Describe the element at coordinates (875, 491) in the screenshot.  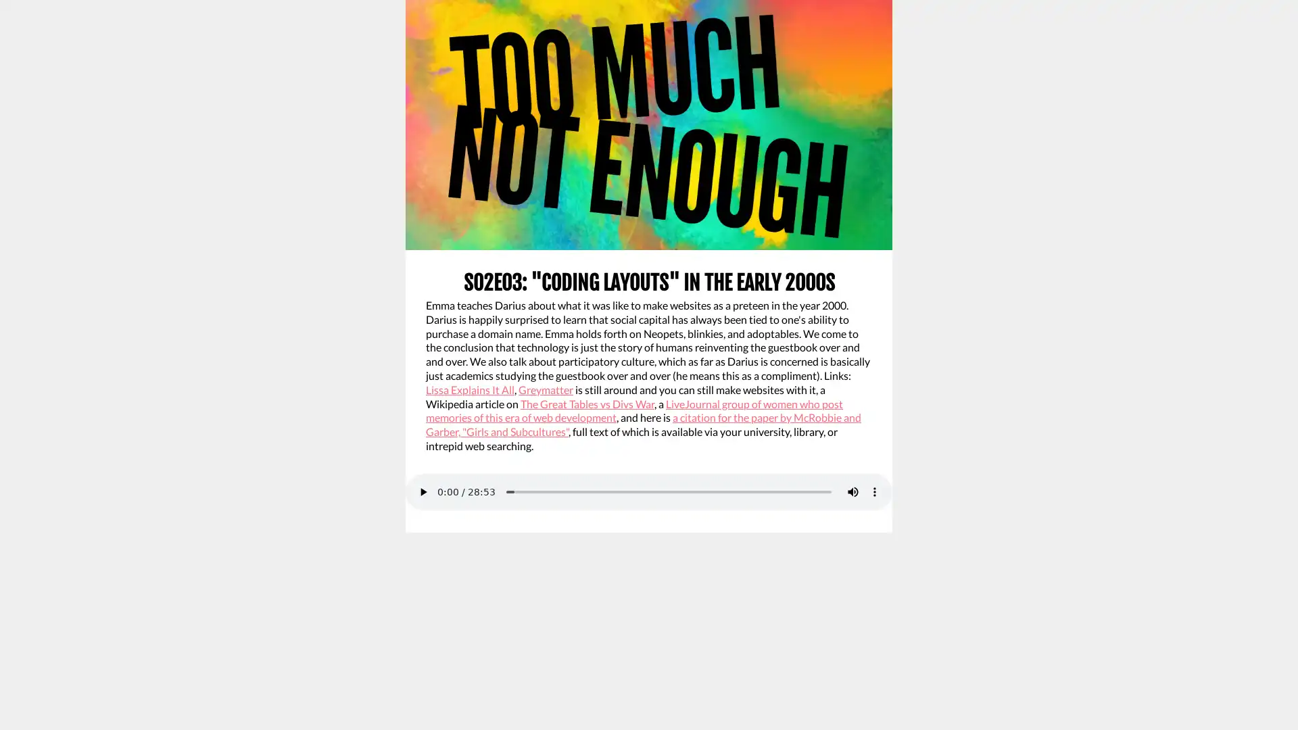
I see `show more media controls` at that location.